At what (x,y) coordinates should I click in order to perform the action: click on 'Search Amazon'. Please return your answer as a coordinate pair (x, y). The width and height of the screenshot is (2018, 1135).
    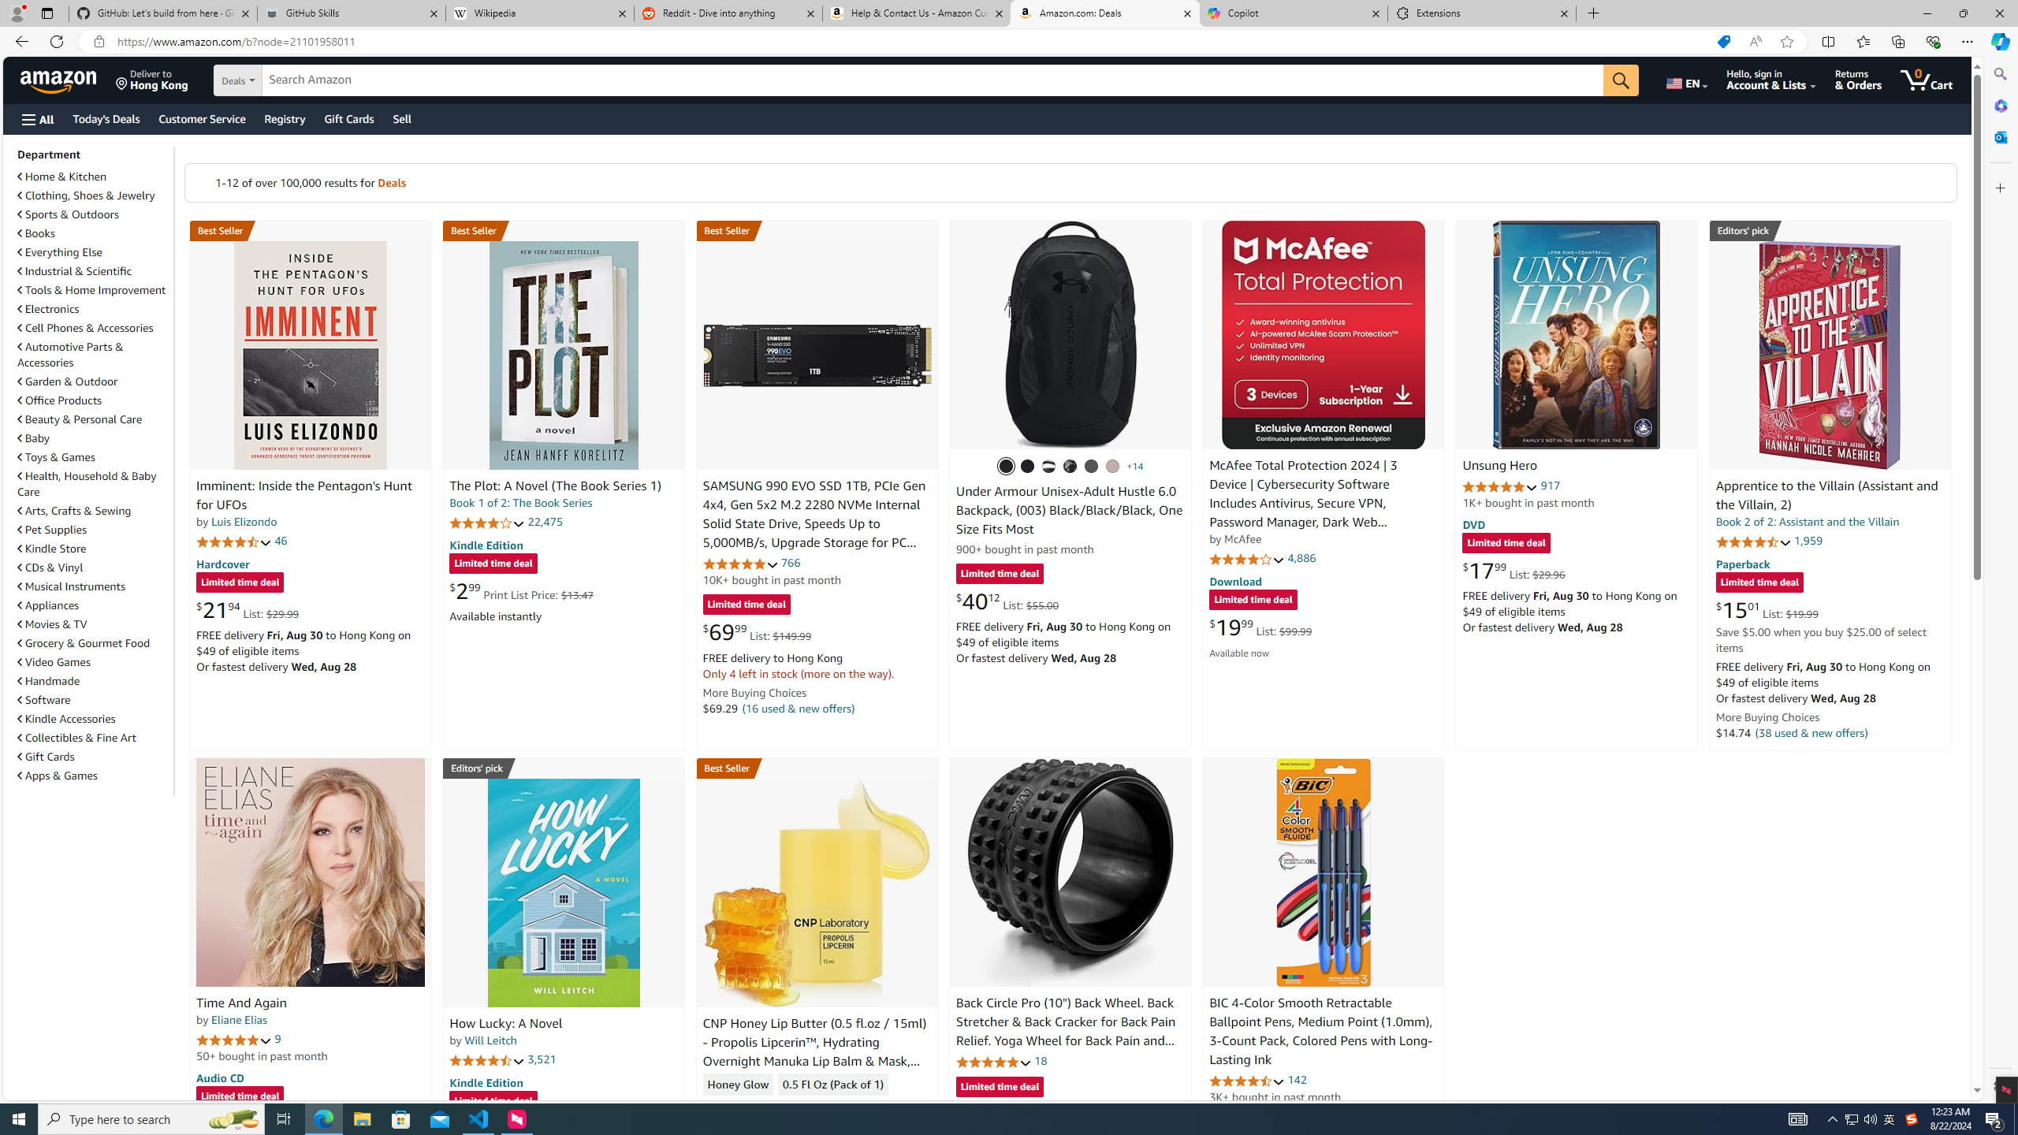
    Looking at the image, I should click on (933, 80).